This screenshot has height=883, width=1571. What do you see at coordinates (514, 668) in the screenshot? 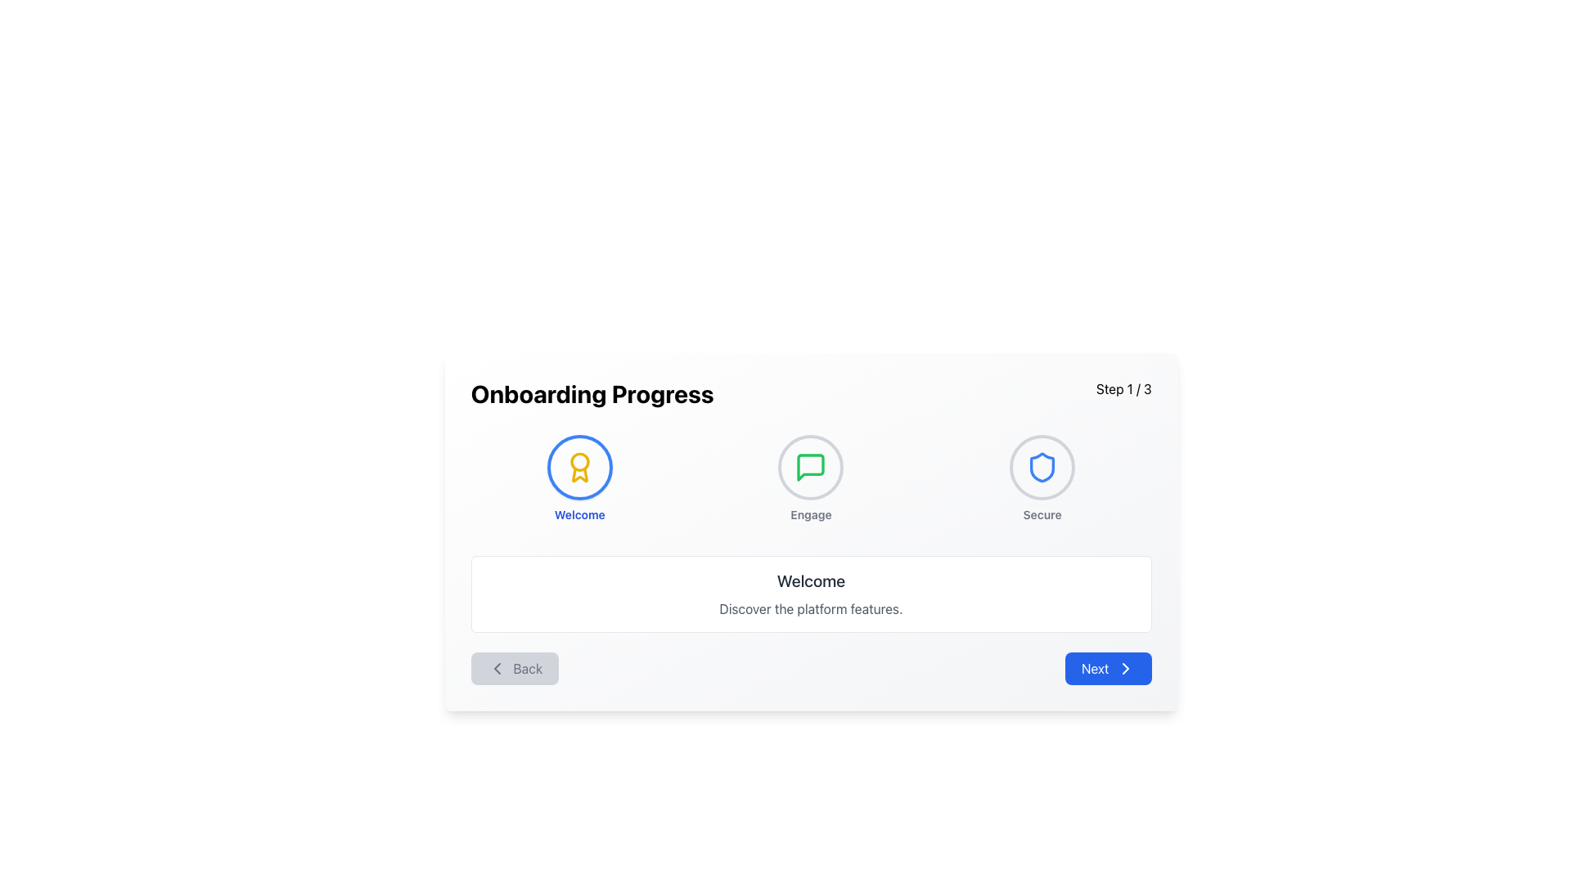
I see `the 'Back' button, which is a rectangular button with a gray background and rounded corners located at the bottom-left corner of the content area` at bounding box center [514, 668].